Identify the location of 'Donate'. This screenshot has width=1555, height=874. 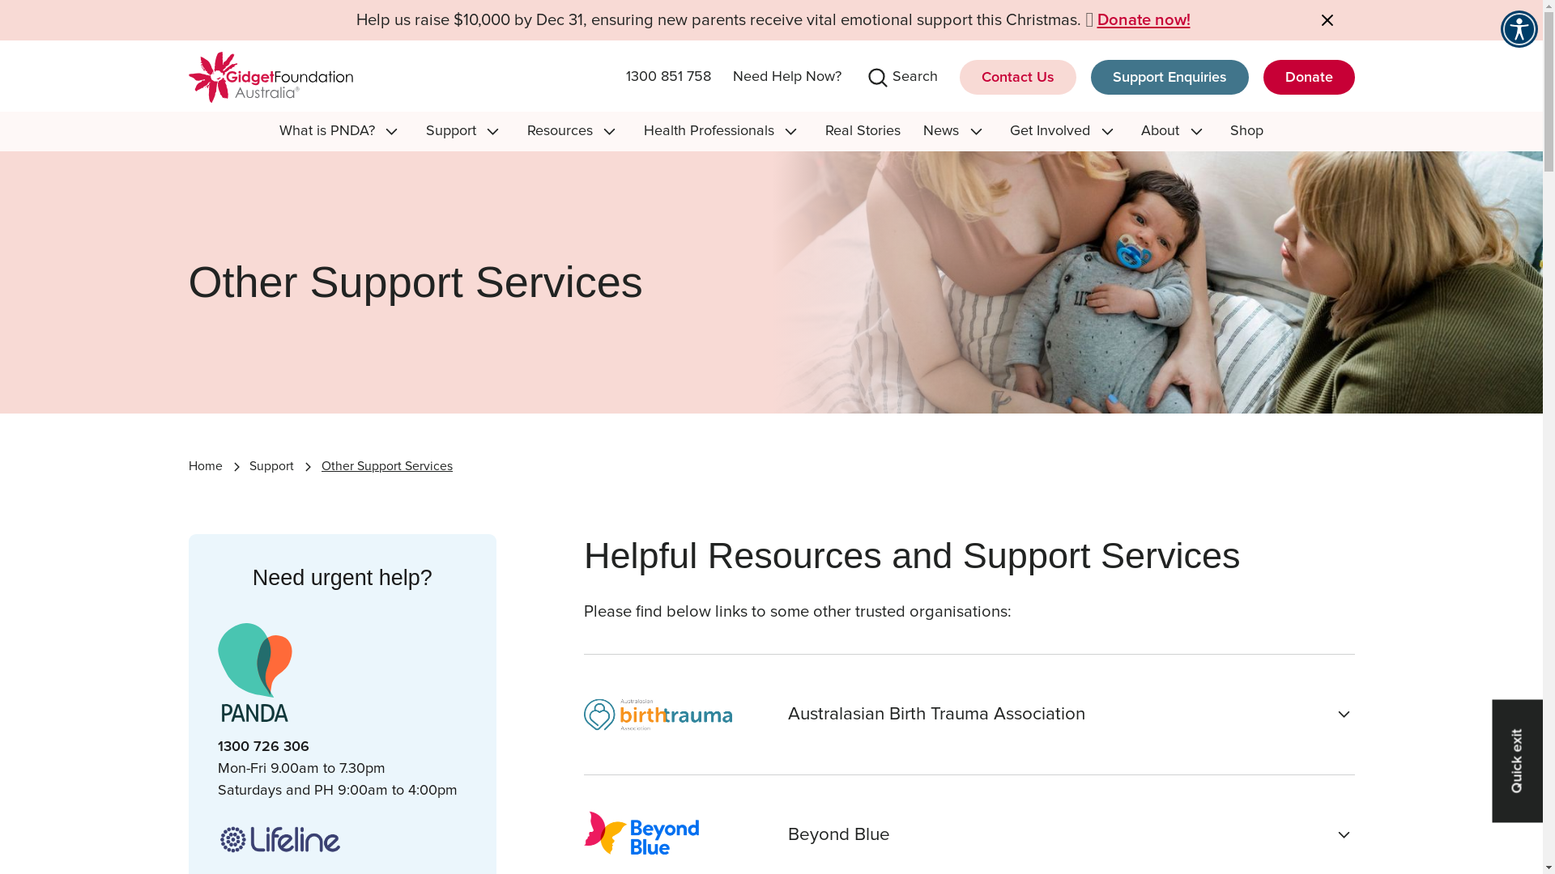
(1263, 77).